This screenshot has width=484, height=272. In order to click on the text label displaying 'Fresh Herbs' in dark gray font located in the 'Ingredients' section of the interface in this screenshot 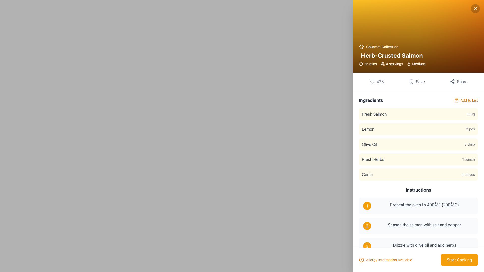, I will do `click(373, 159)`.